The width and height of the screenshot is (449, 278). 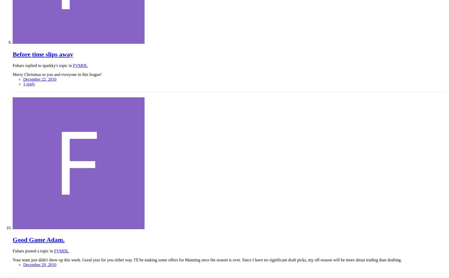 I want to click on '1 reply', so click(x=23, y=84).